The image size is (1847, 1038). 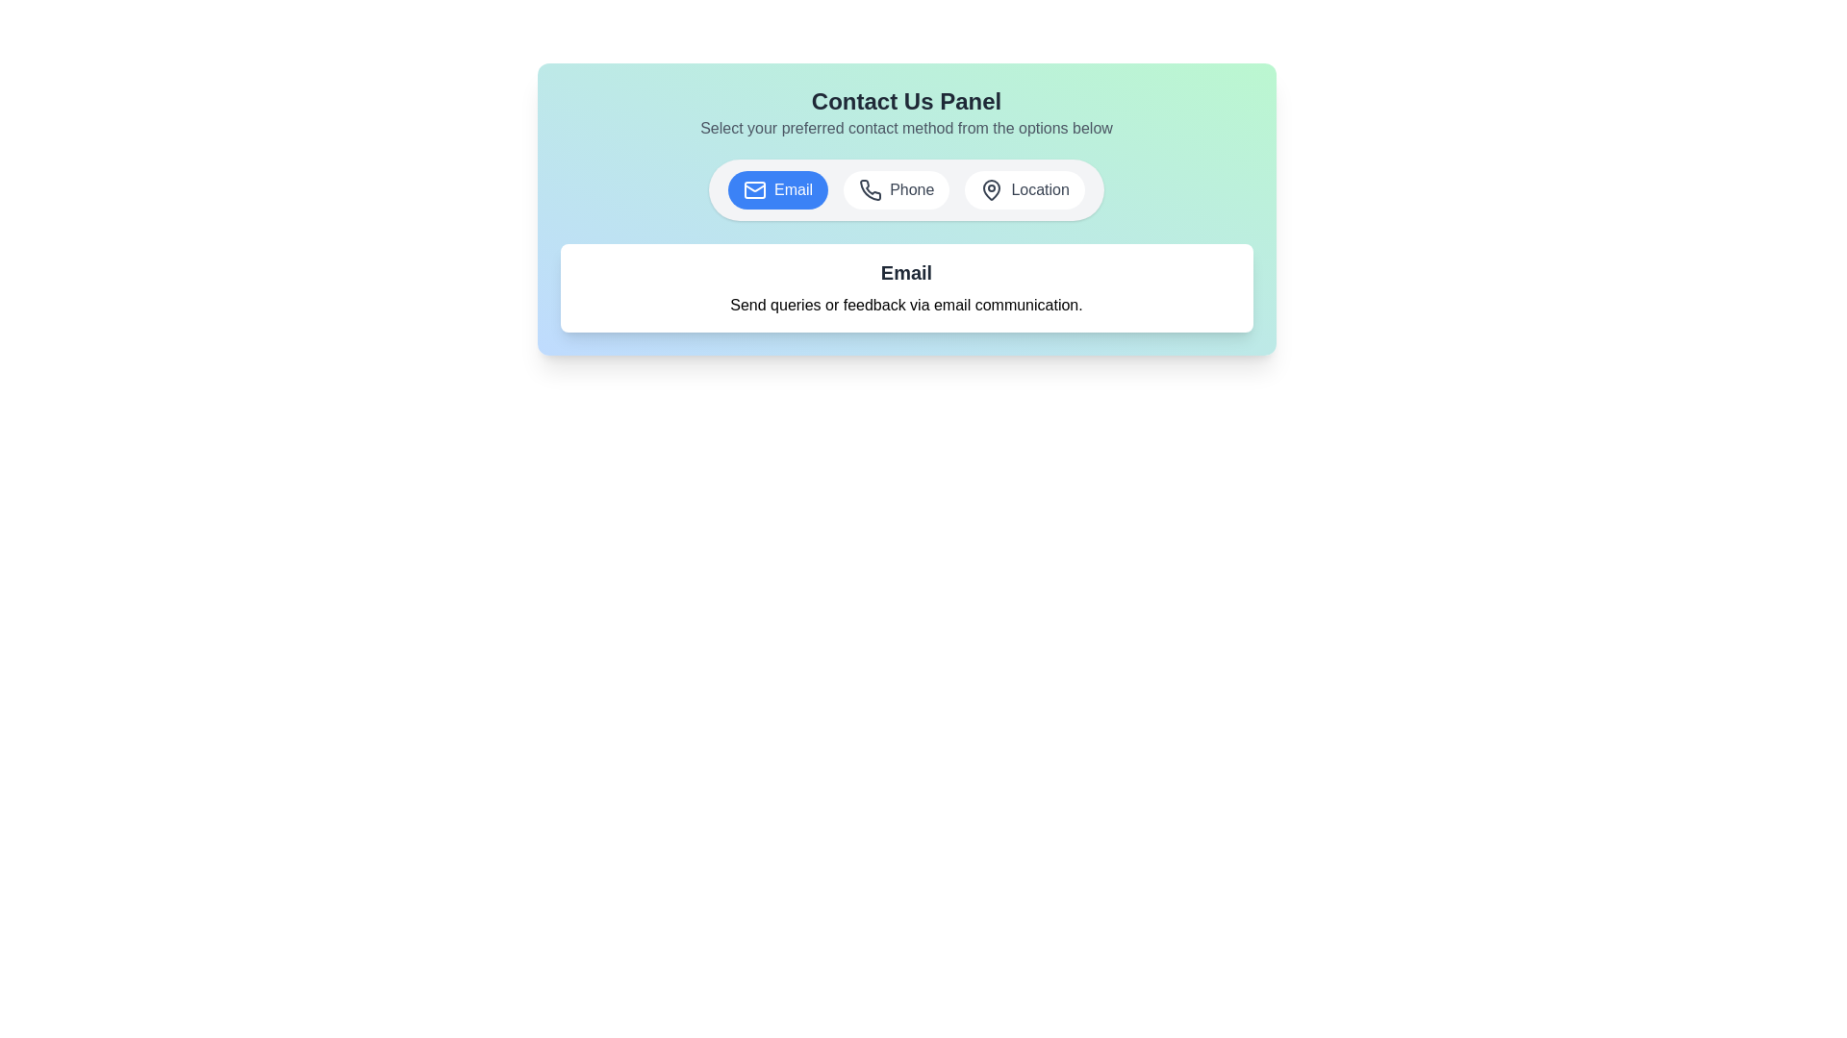 I want to click on text content of the label located on the right side of the blue button that initiates an email-related action, so click(x=794, y=189).